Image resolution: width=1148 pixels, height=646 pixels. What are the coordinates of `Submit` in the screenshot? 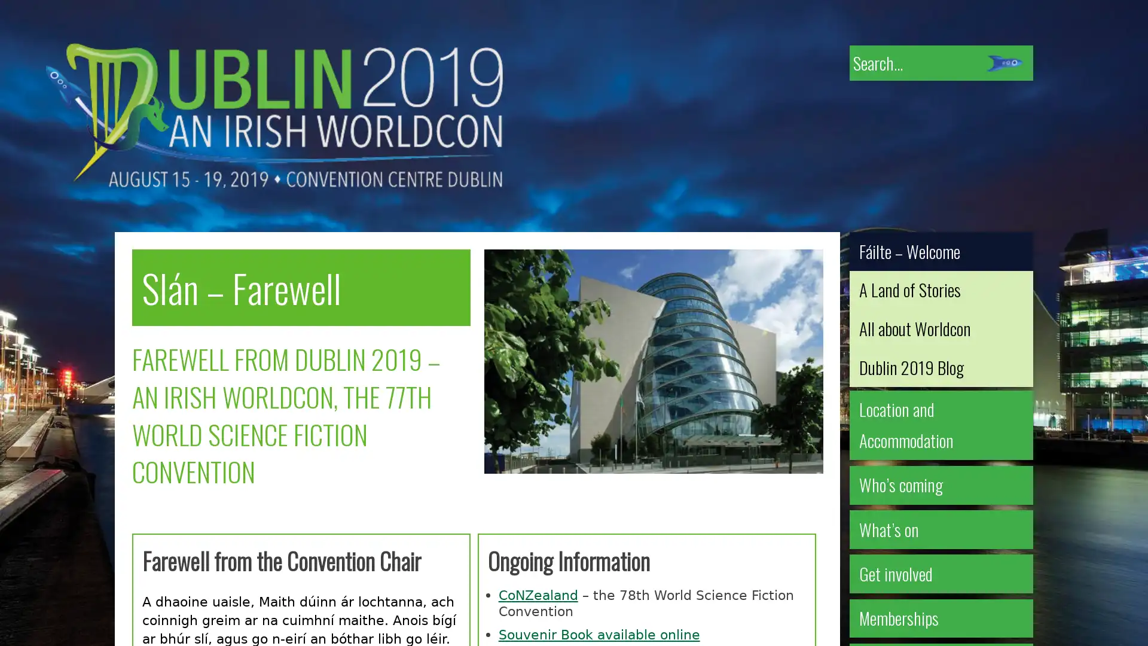 It's located at (1004, 63).